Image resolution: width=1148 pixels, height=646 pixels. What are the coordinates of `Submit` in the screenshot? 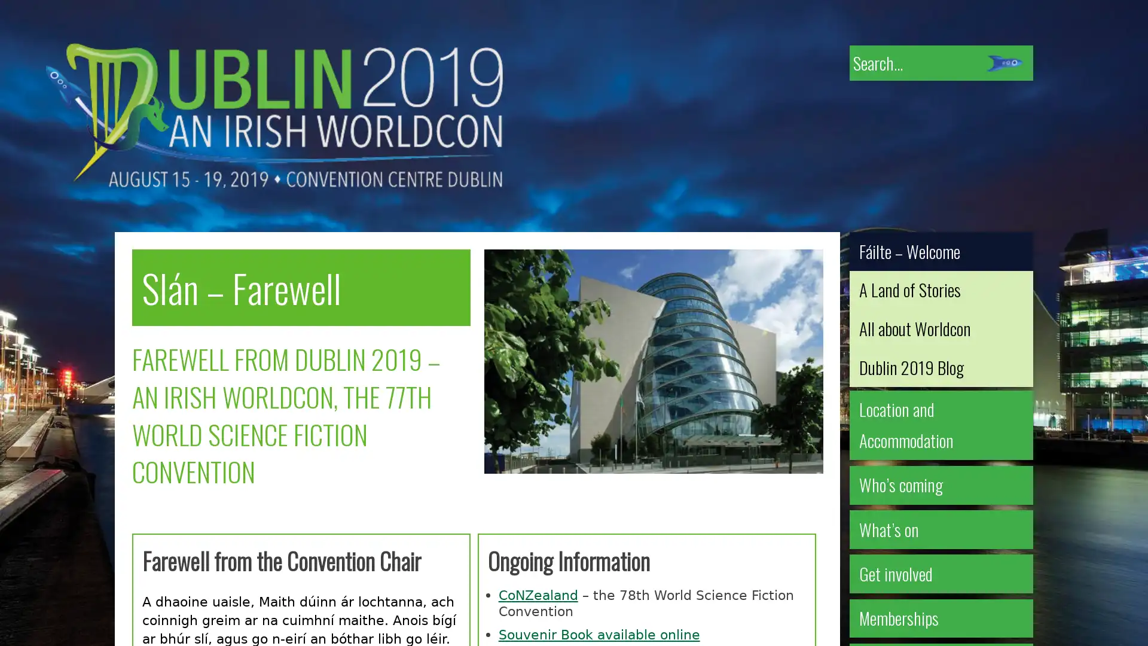 It's located at (1004, 63).